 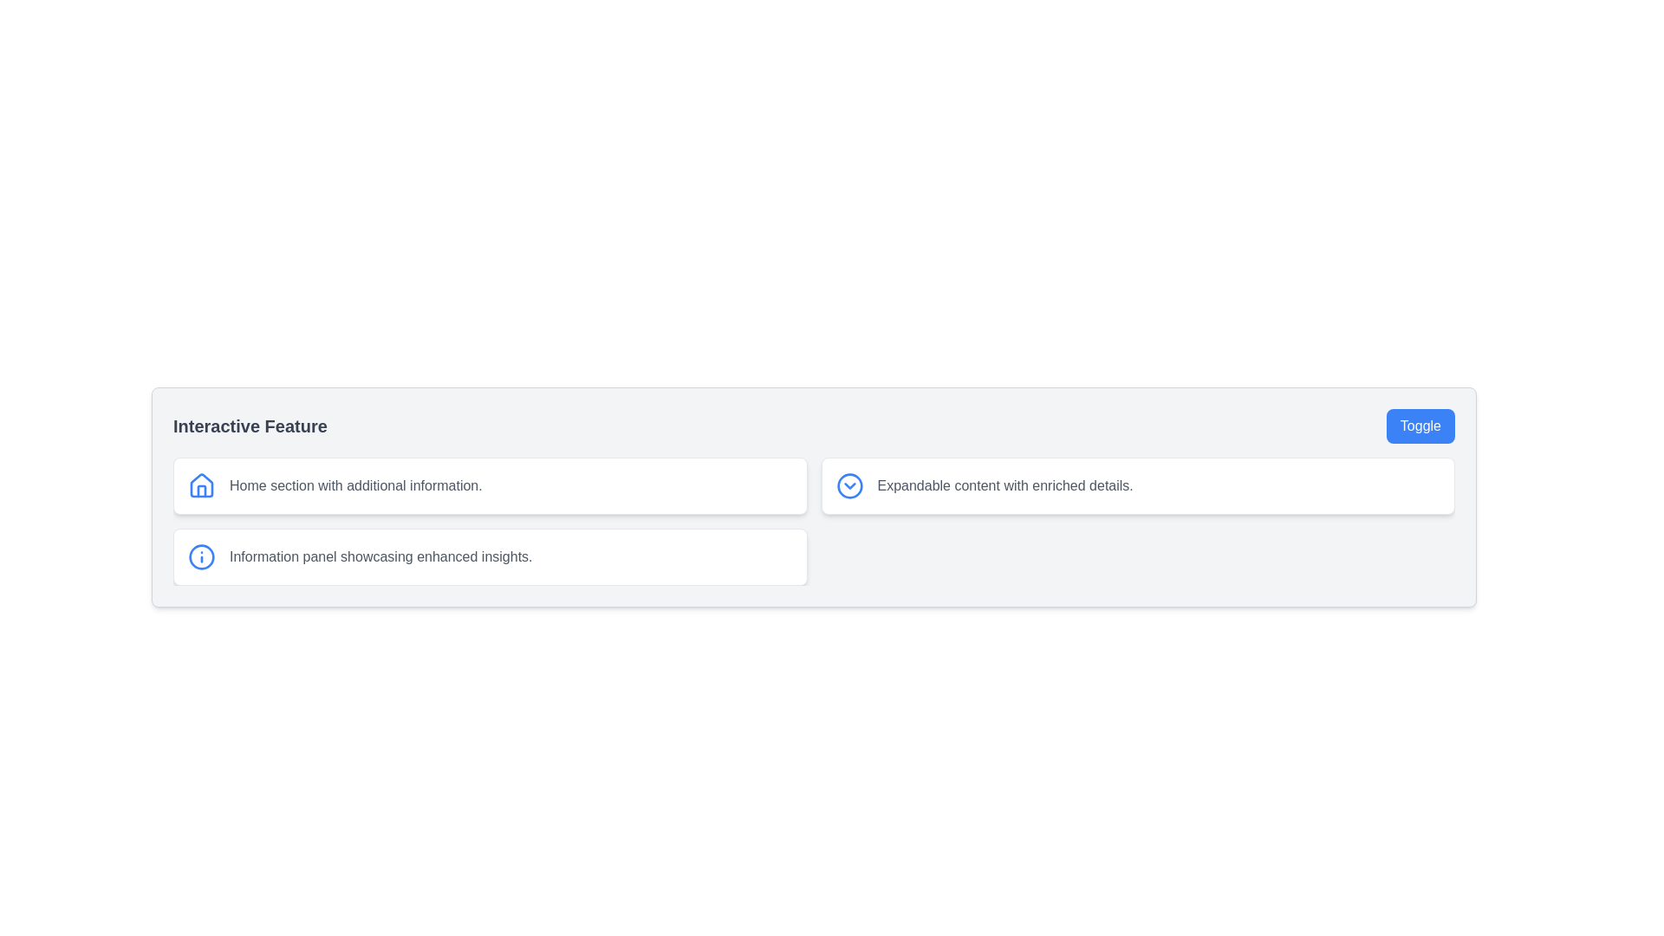 I want to click on the blue circular icon with a downward arrow, which is associated with expandable content located to the far right of the text 'Expandable content with enriched details.', so click(x=849, y=485).